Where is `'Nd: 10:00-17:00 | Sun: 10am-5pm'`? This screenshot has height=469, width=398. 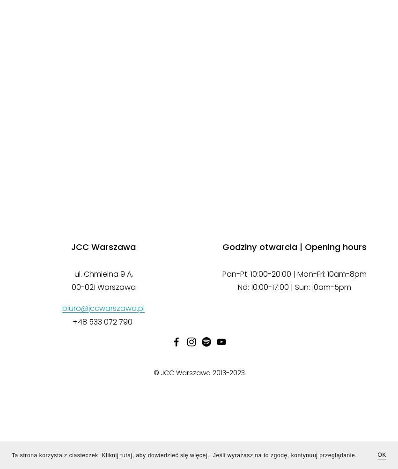 'Nd: 10:00-17:00 | Sun: 10am-5pm' is located at coordinates (294, 287).